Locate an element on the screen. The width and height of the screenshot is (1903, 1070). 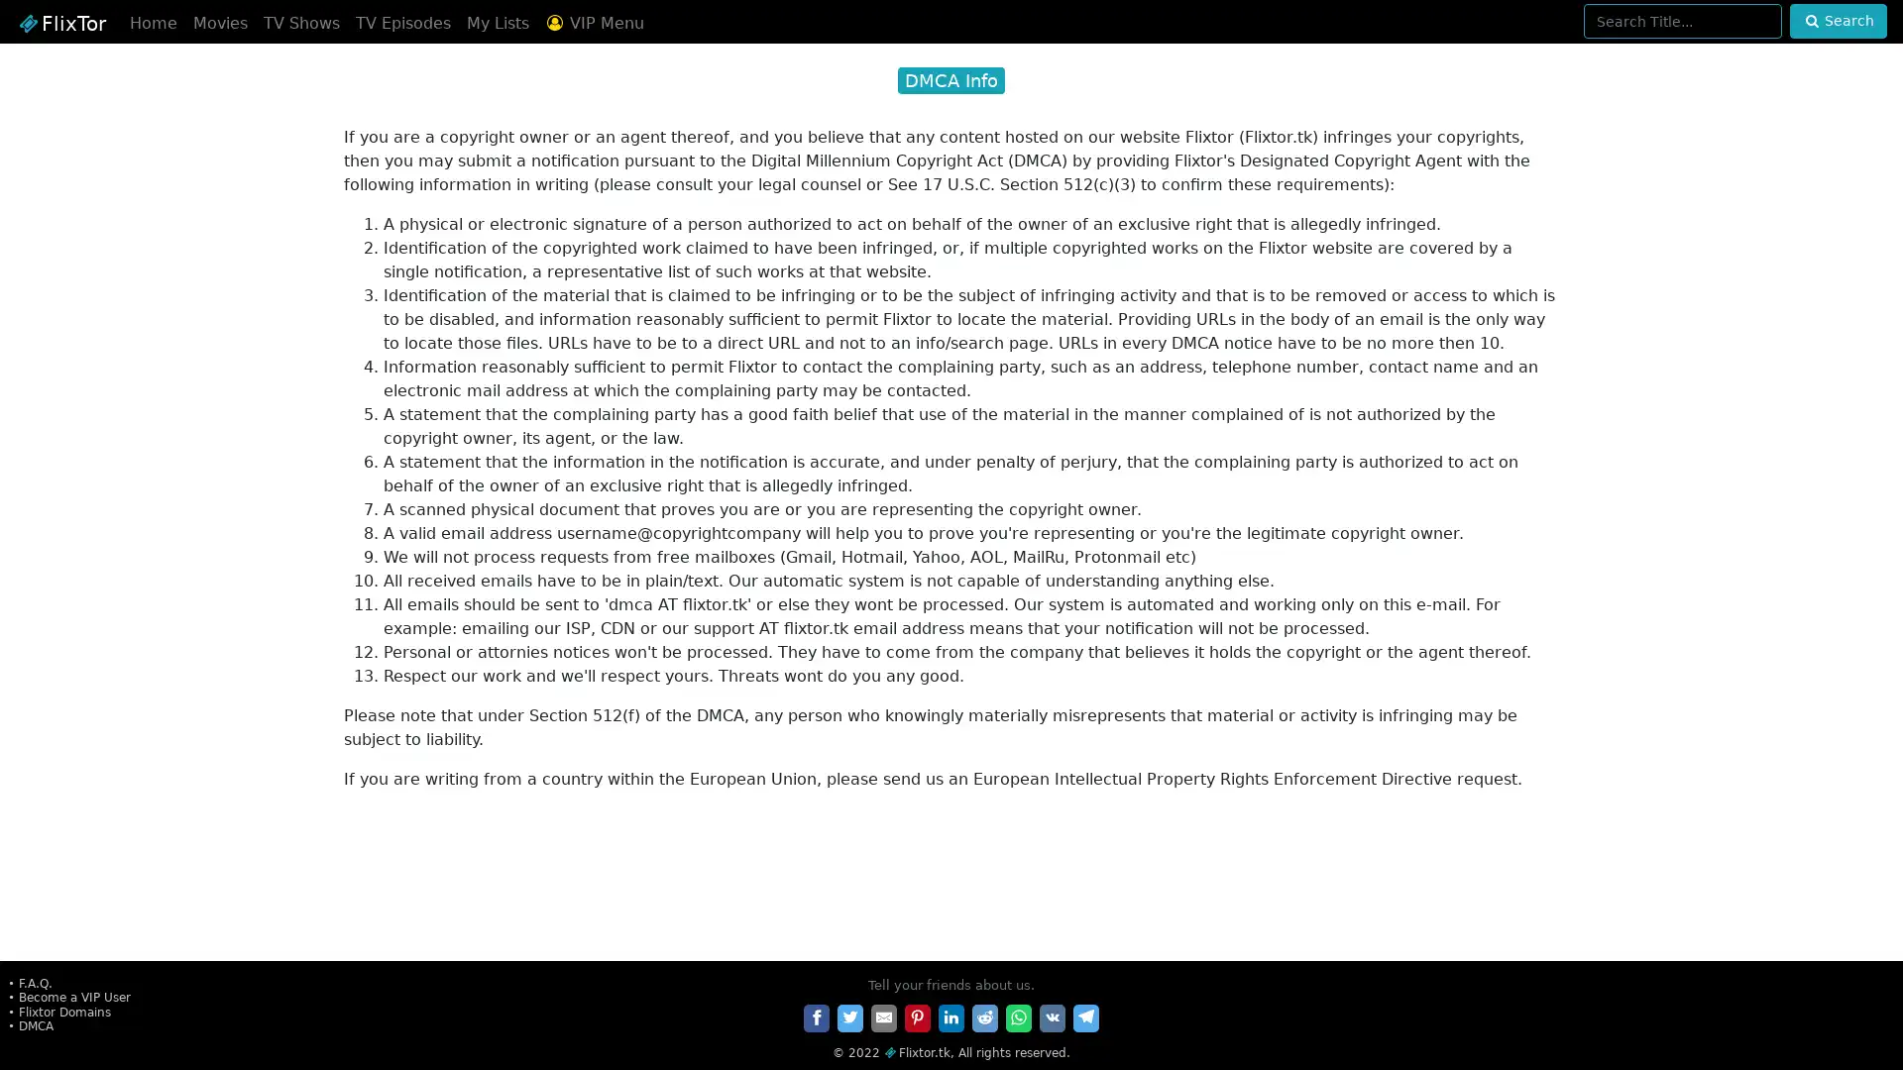
VIP Menu is located at coordinates (593, 23).